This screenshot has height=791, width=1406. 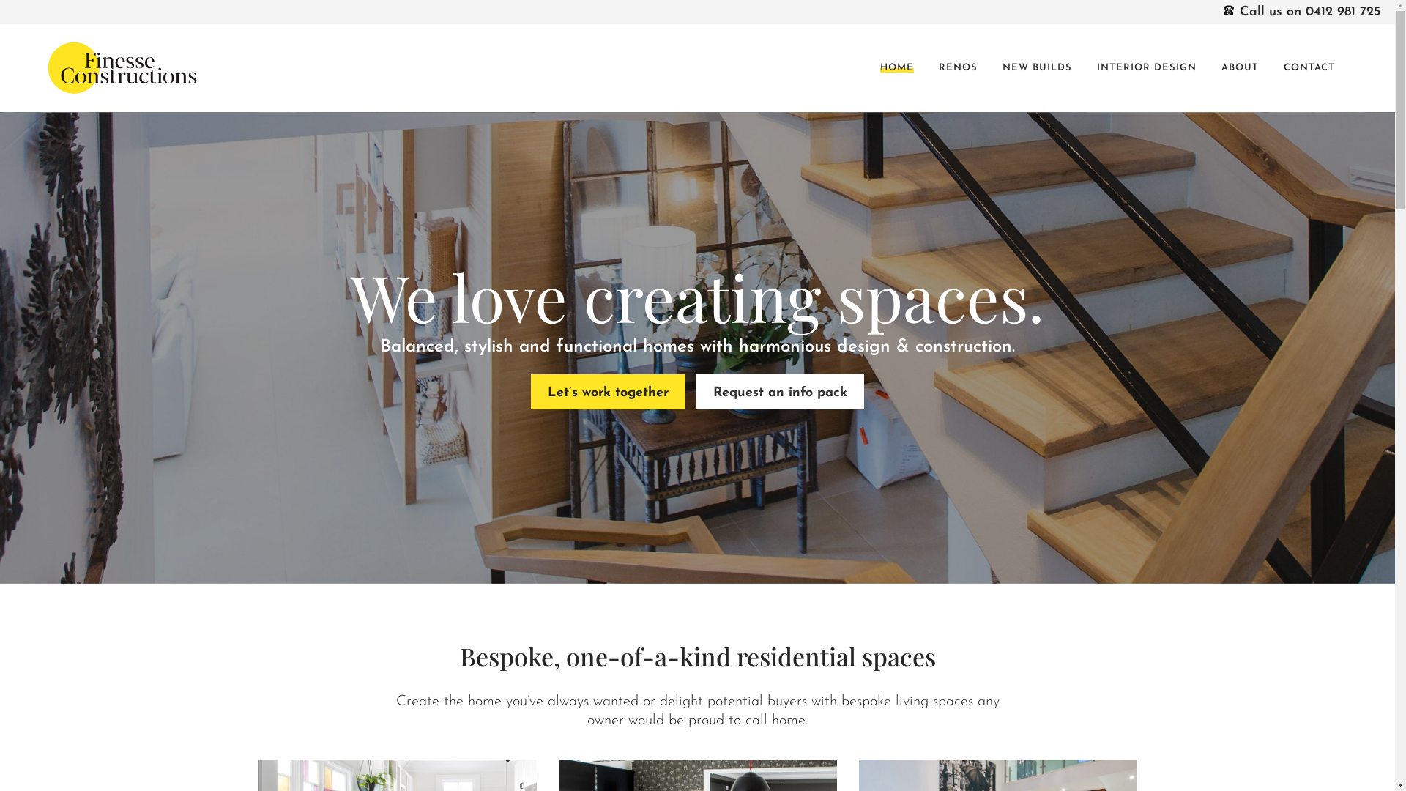 What do you see at coordinates (958, 67) in the screenshot?
I see `'RENOS'` at bounding box center [958, 67].